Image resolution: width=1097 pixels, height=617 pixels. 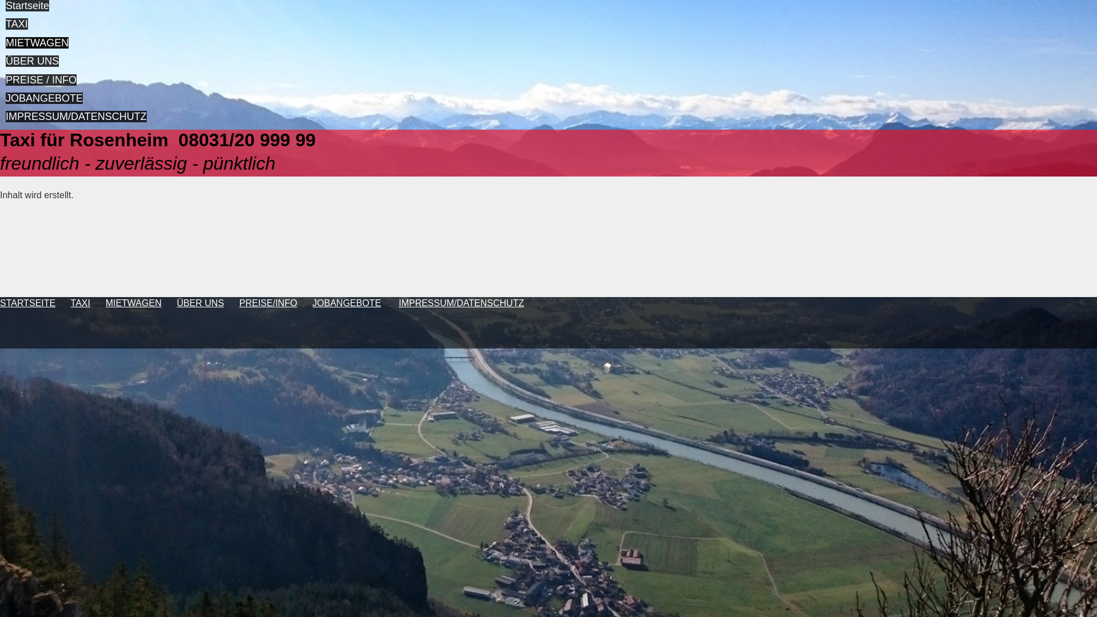 I want to click on 'IMPRESSUM/DATENSCHUTZ', so click(x=75, y=117).